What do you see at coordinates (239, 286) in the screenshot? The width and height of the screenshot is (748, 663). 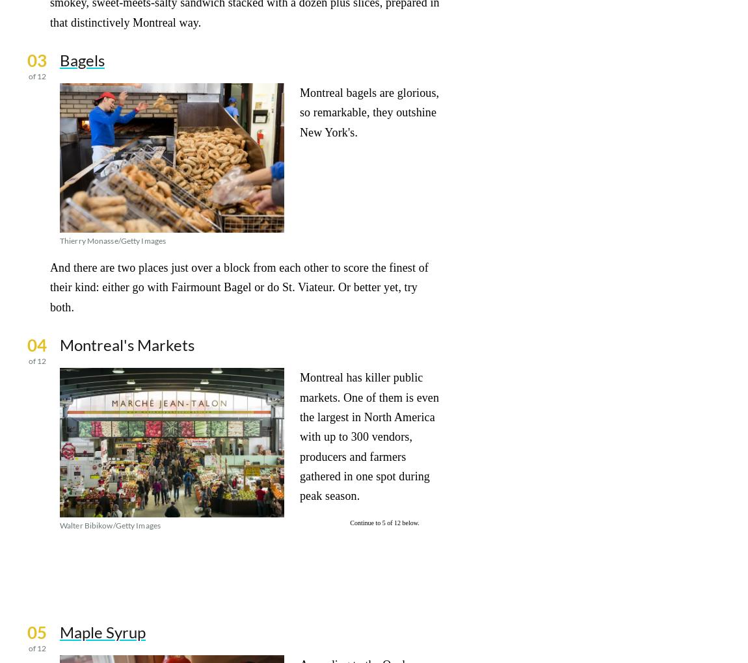 I see `'And there are two places just over a block from each other to score the finest of their kind: either go with Fairmount Bagel or do St. Viateur. Or better yet, try both.'` at bounding box center [239, 286].